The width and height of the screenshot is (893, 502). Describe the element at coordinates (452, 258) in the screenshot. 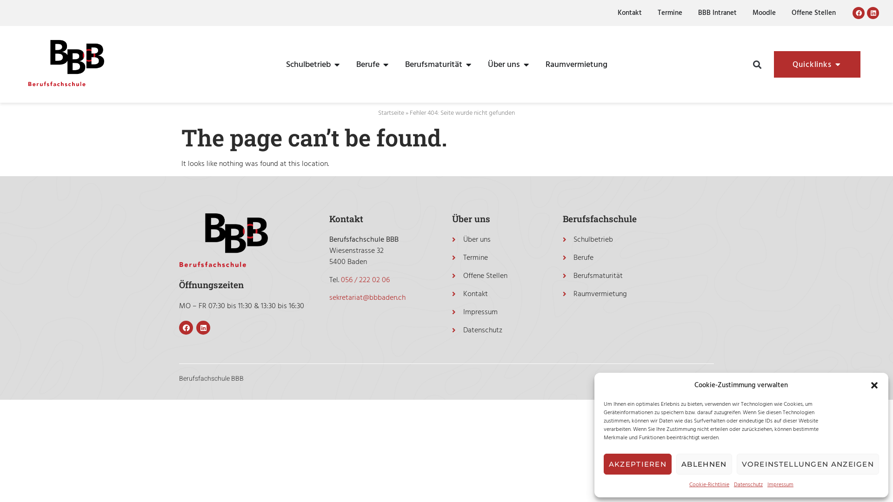

I see `'Termine'` at that location.